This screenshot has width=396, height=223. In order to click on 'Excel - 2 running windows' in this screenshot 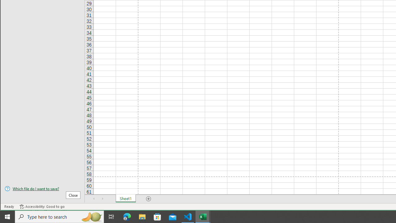, I will do `click(203, 216)`.